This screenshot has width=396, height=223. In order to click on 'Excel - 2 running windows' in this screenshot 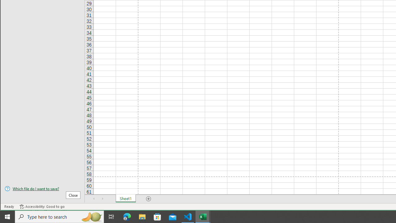, I will do `click(203, 216)`.